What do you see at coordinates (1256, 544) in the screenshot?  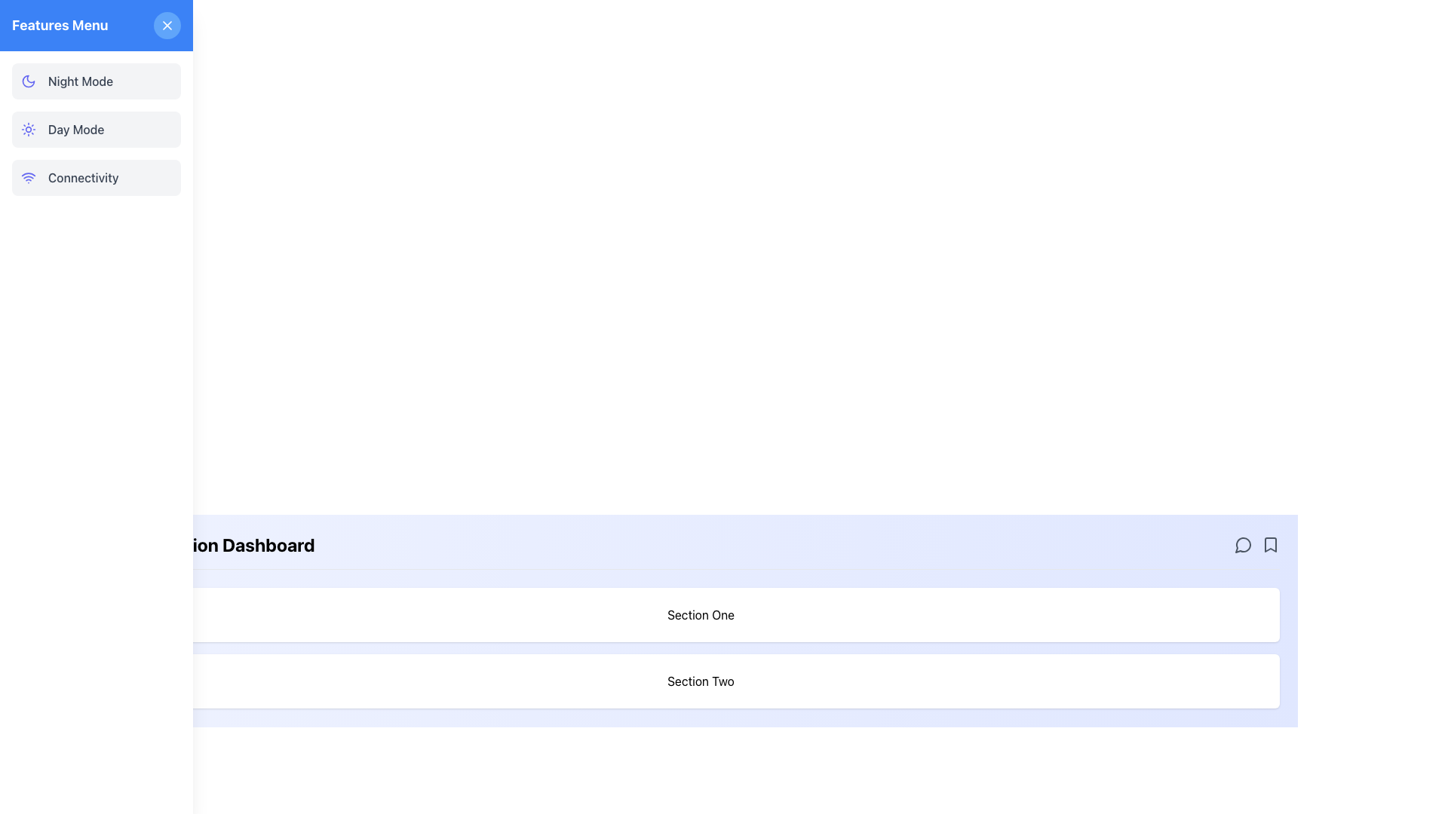 I see `the speech bubble icon in the interactive icons set located at the far right of the header bar to comment` at bounding box center [1256, 544].